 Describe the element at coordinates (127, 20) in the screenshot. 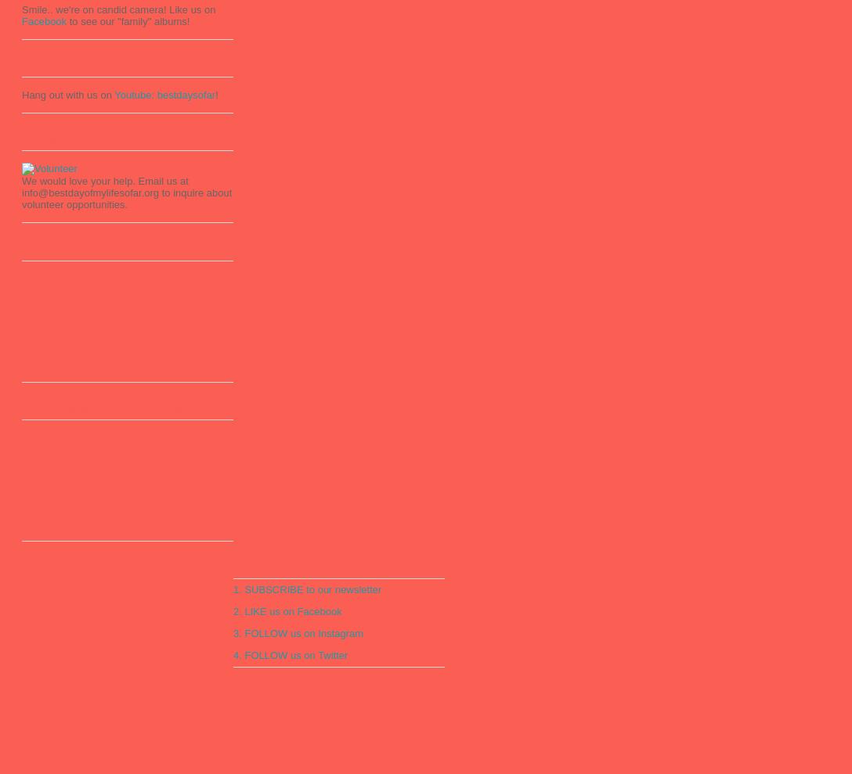

I see `'to see our "family" albums!'` at that location.